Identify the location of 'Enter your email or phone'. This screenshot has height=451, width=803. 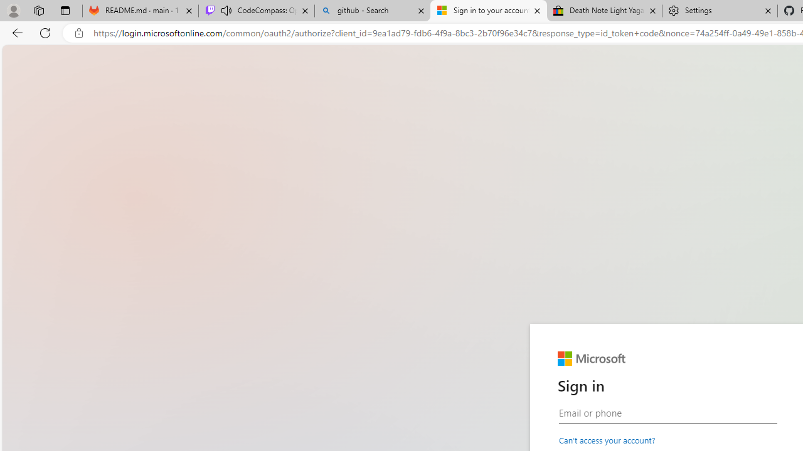
(667, 413).